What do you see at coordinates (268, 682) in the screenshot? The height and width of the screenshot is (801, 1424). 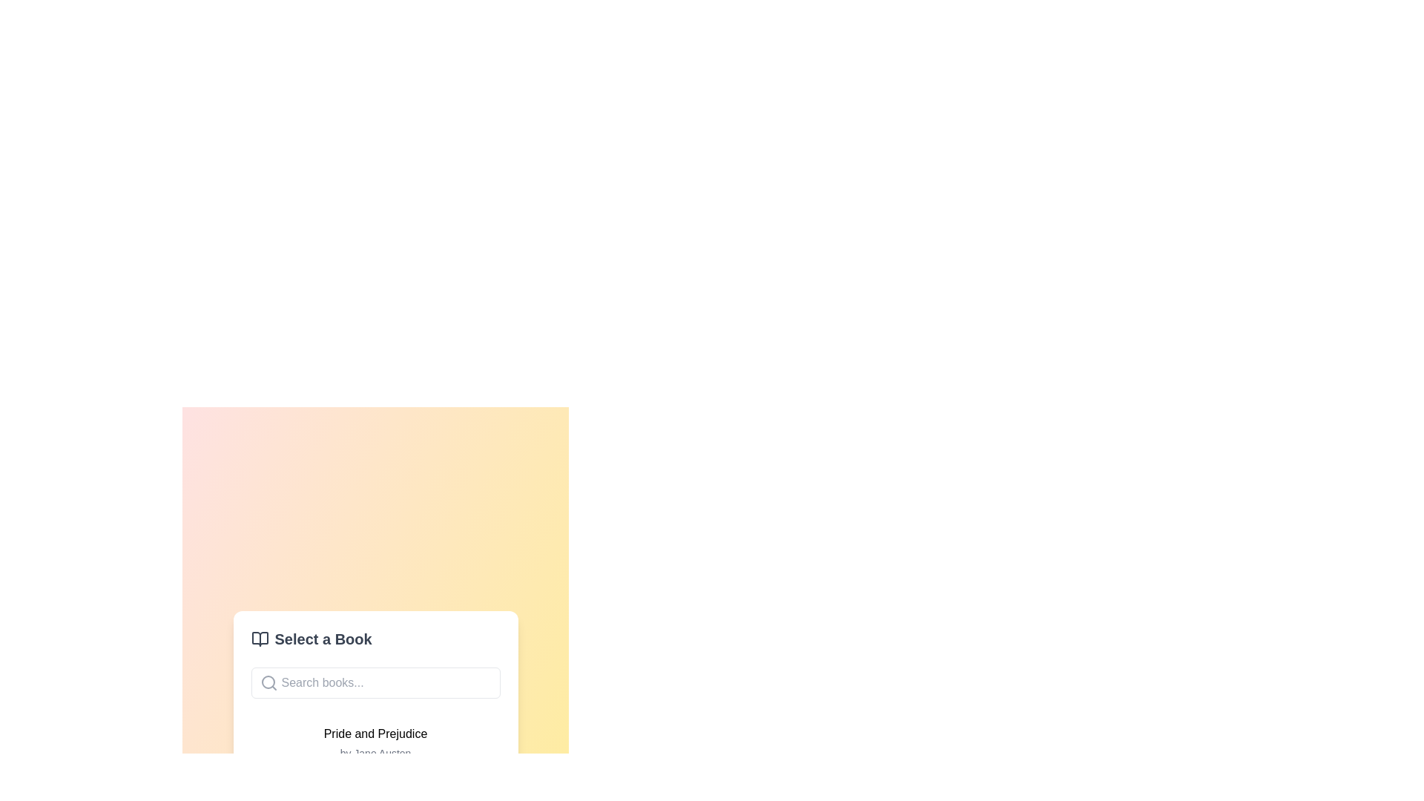 I see `the primary body of the search icon, which is represented by a circle located on the leftmost side of the search input field` at bounding box center [268, 682].